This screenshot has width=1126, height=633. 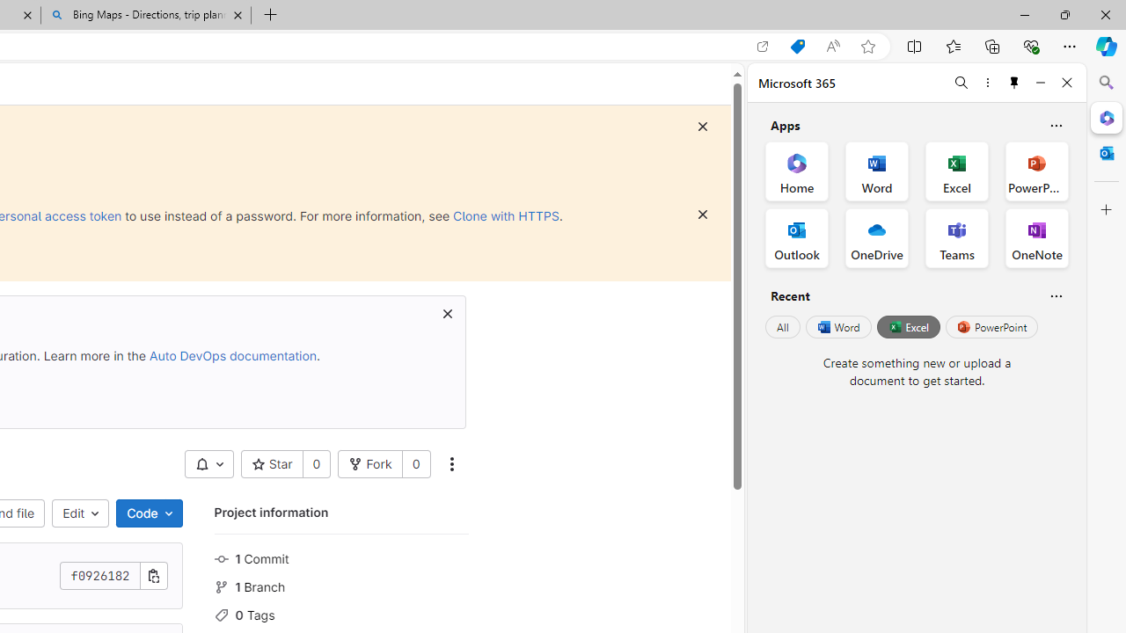 I want to click on 'Fork', so click(x=369, y=463).